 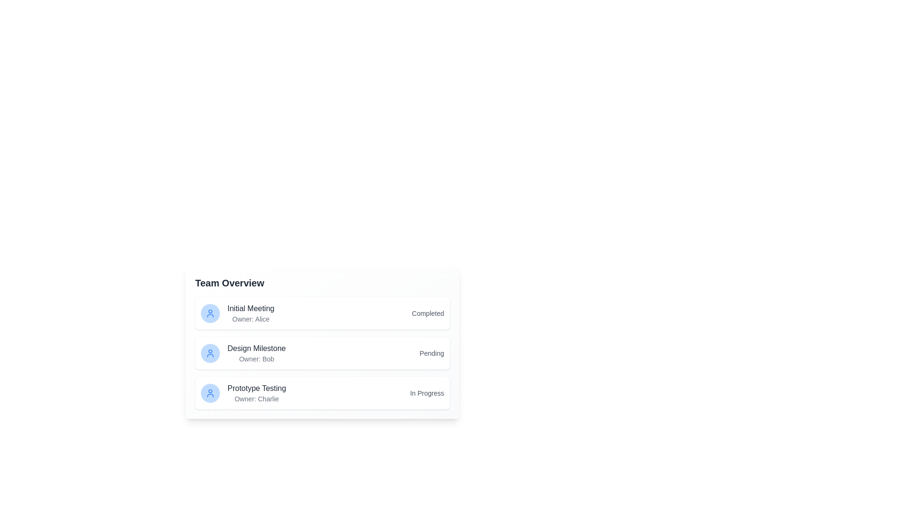 I want to click on the text block titled 'Prototype Testing' with the subtitle 'Owner: Charlie', so click(x=243, y=393).